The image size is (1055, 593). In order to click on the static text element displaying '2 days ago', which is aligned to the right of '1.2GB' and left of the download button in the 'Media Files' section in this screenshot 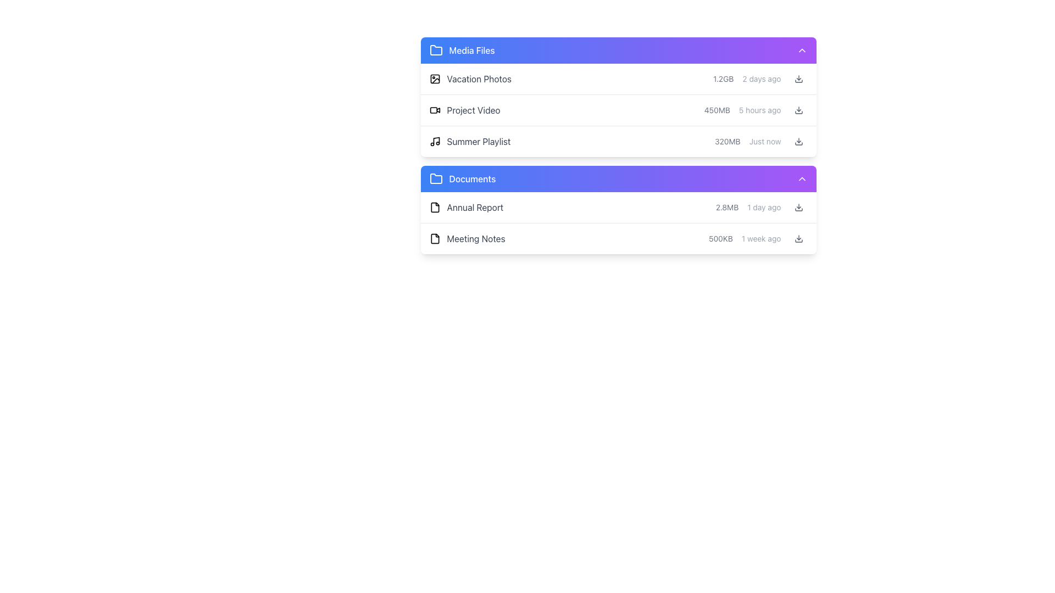, I will do `click(761, 78)`.